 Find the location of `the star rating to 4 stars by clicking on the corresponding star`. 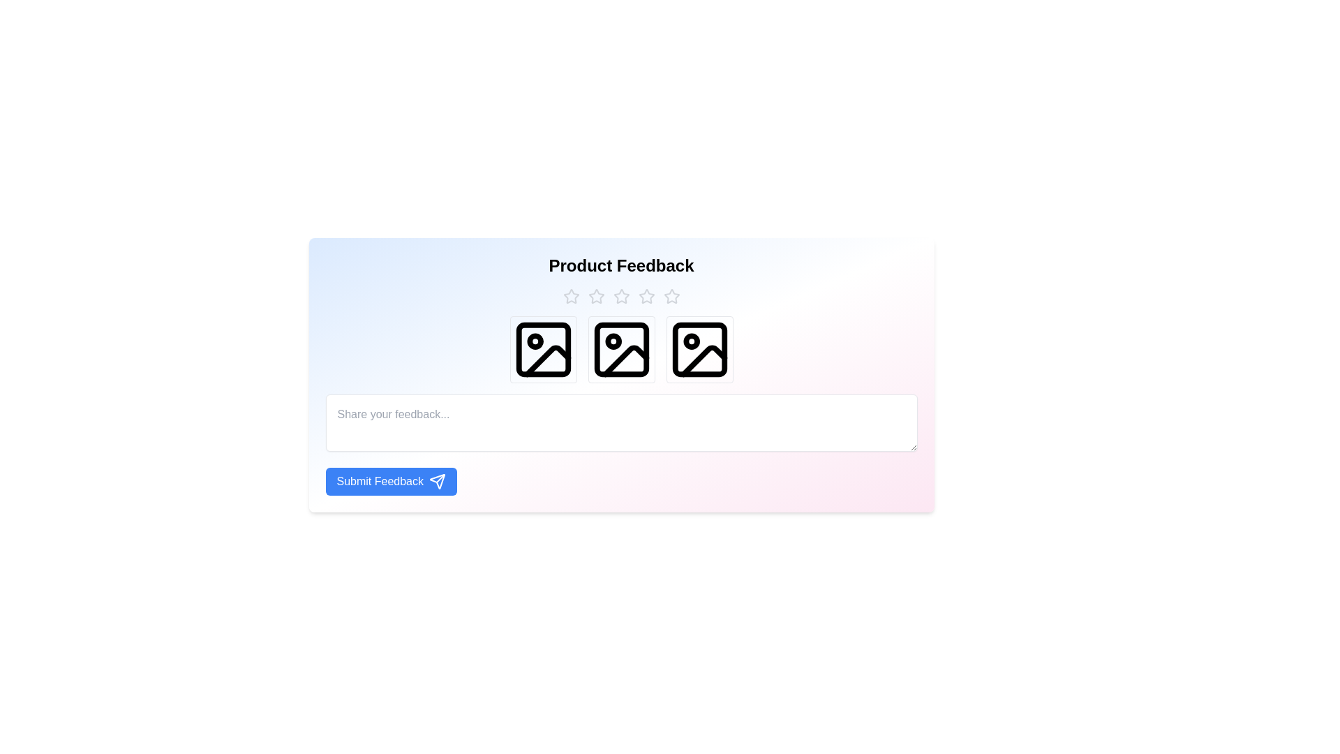

the star rating to 4 stars by clicking on the corresponding star is located at coordinates (646, 295).